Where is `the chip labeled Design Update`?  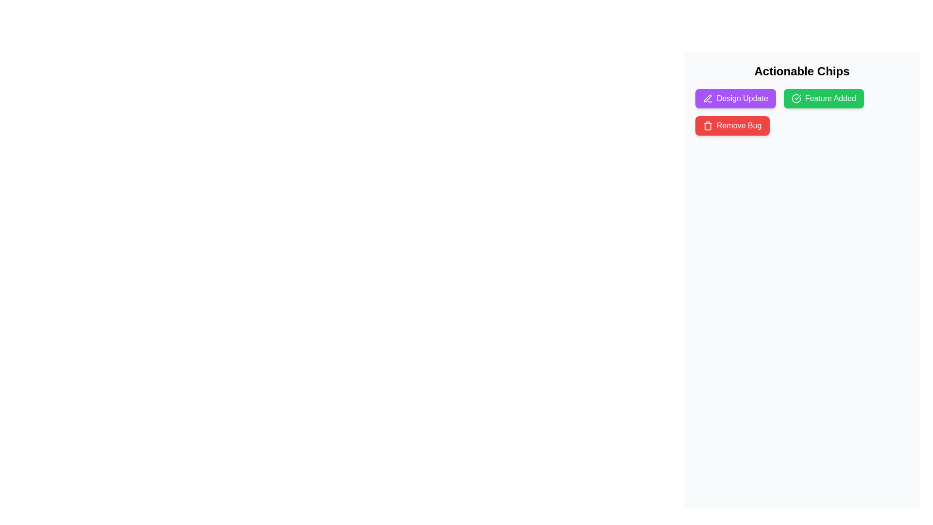
the chip labeled Design Update is located at coordinates (735, 99).